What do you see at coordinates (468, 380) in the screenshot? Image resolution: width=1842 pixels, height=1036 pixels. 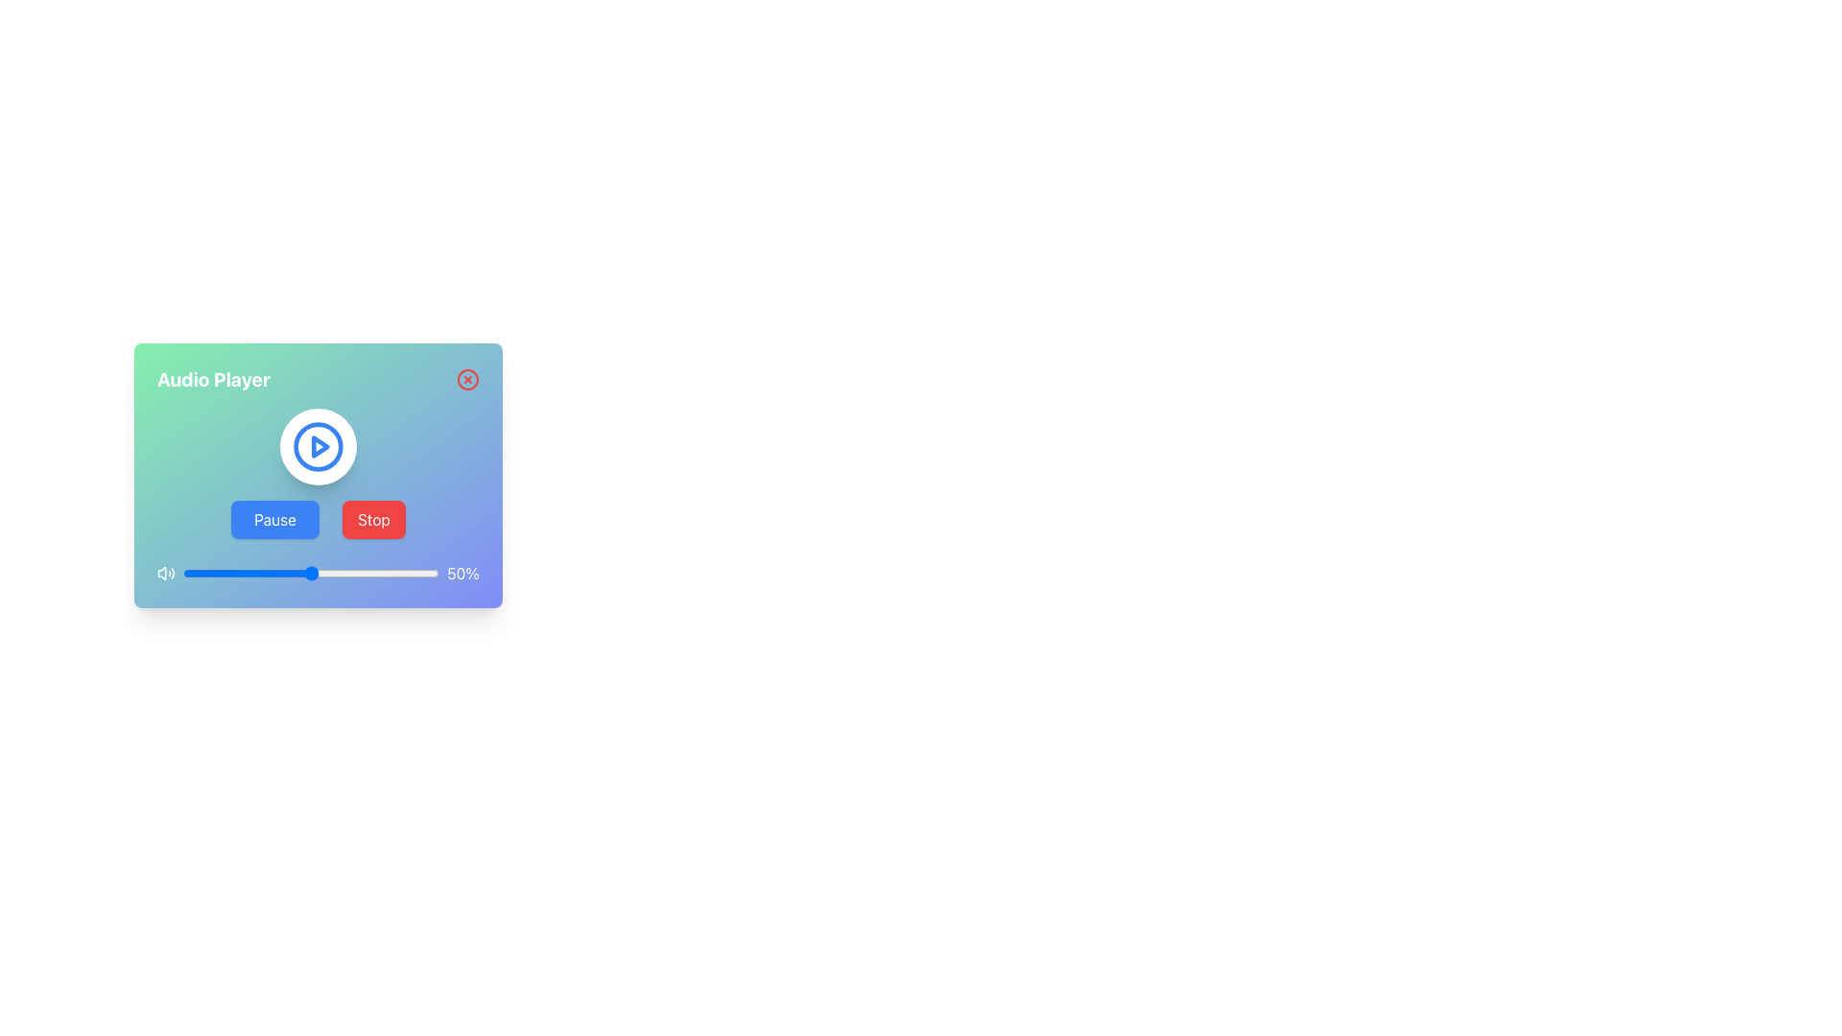 I see `the close icon button located at the top-right corner of the 'Audio Player' interface` at bounding box center [468, 380].